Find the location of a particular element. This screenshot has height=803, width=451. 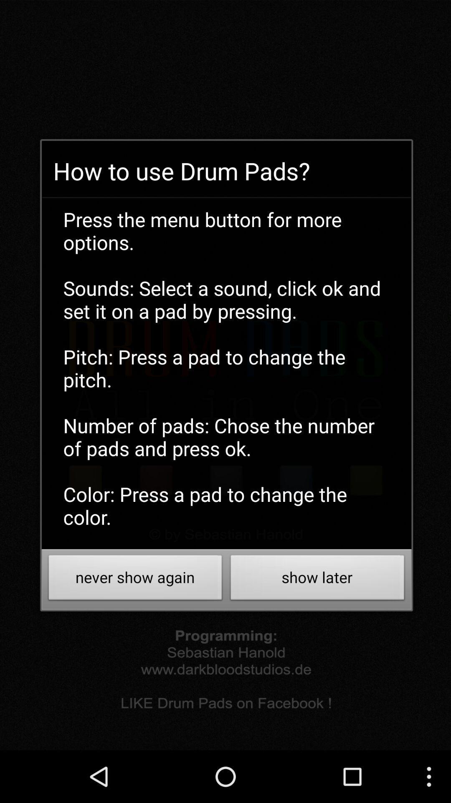

the icon at the bottom right corner is located at coordinates (317, 579).